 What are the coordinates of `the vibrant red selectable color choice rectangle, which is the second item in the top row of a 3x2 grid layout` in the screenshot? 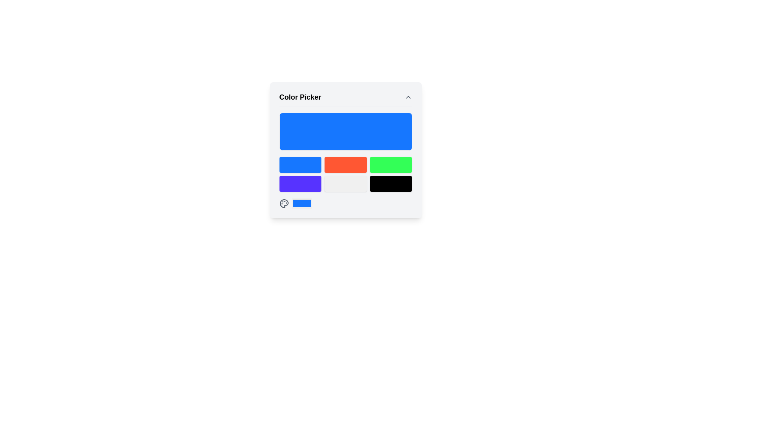 It's located at (346, 158).